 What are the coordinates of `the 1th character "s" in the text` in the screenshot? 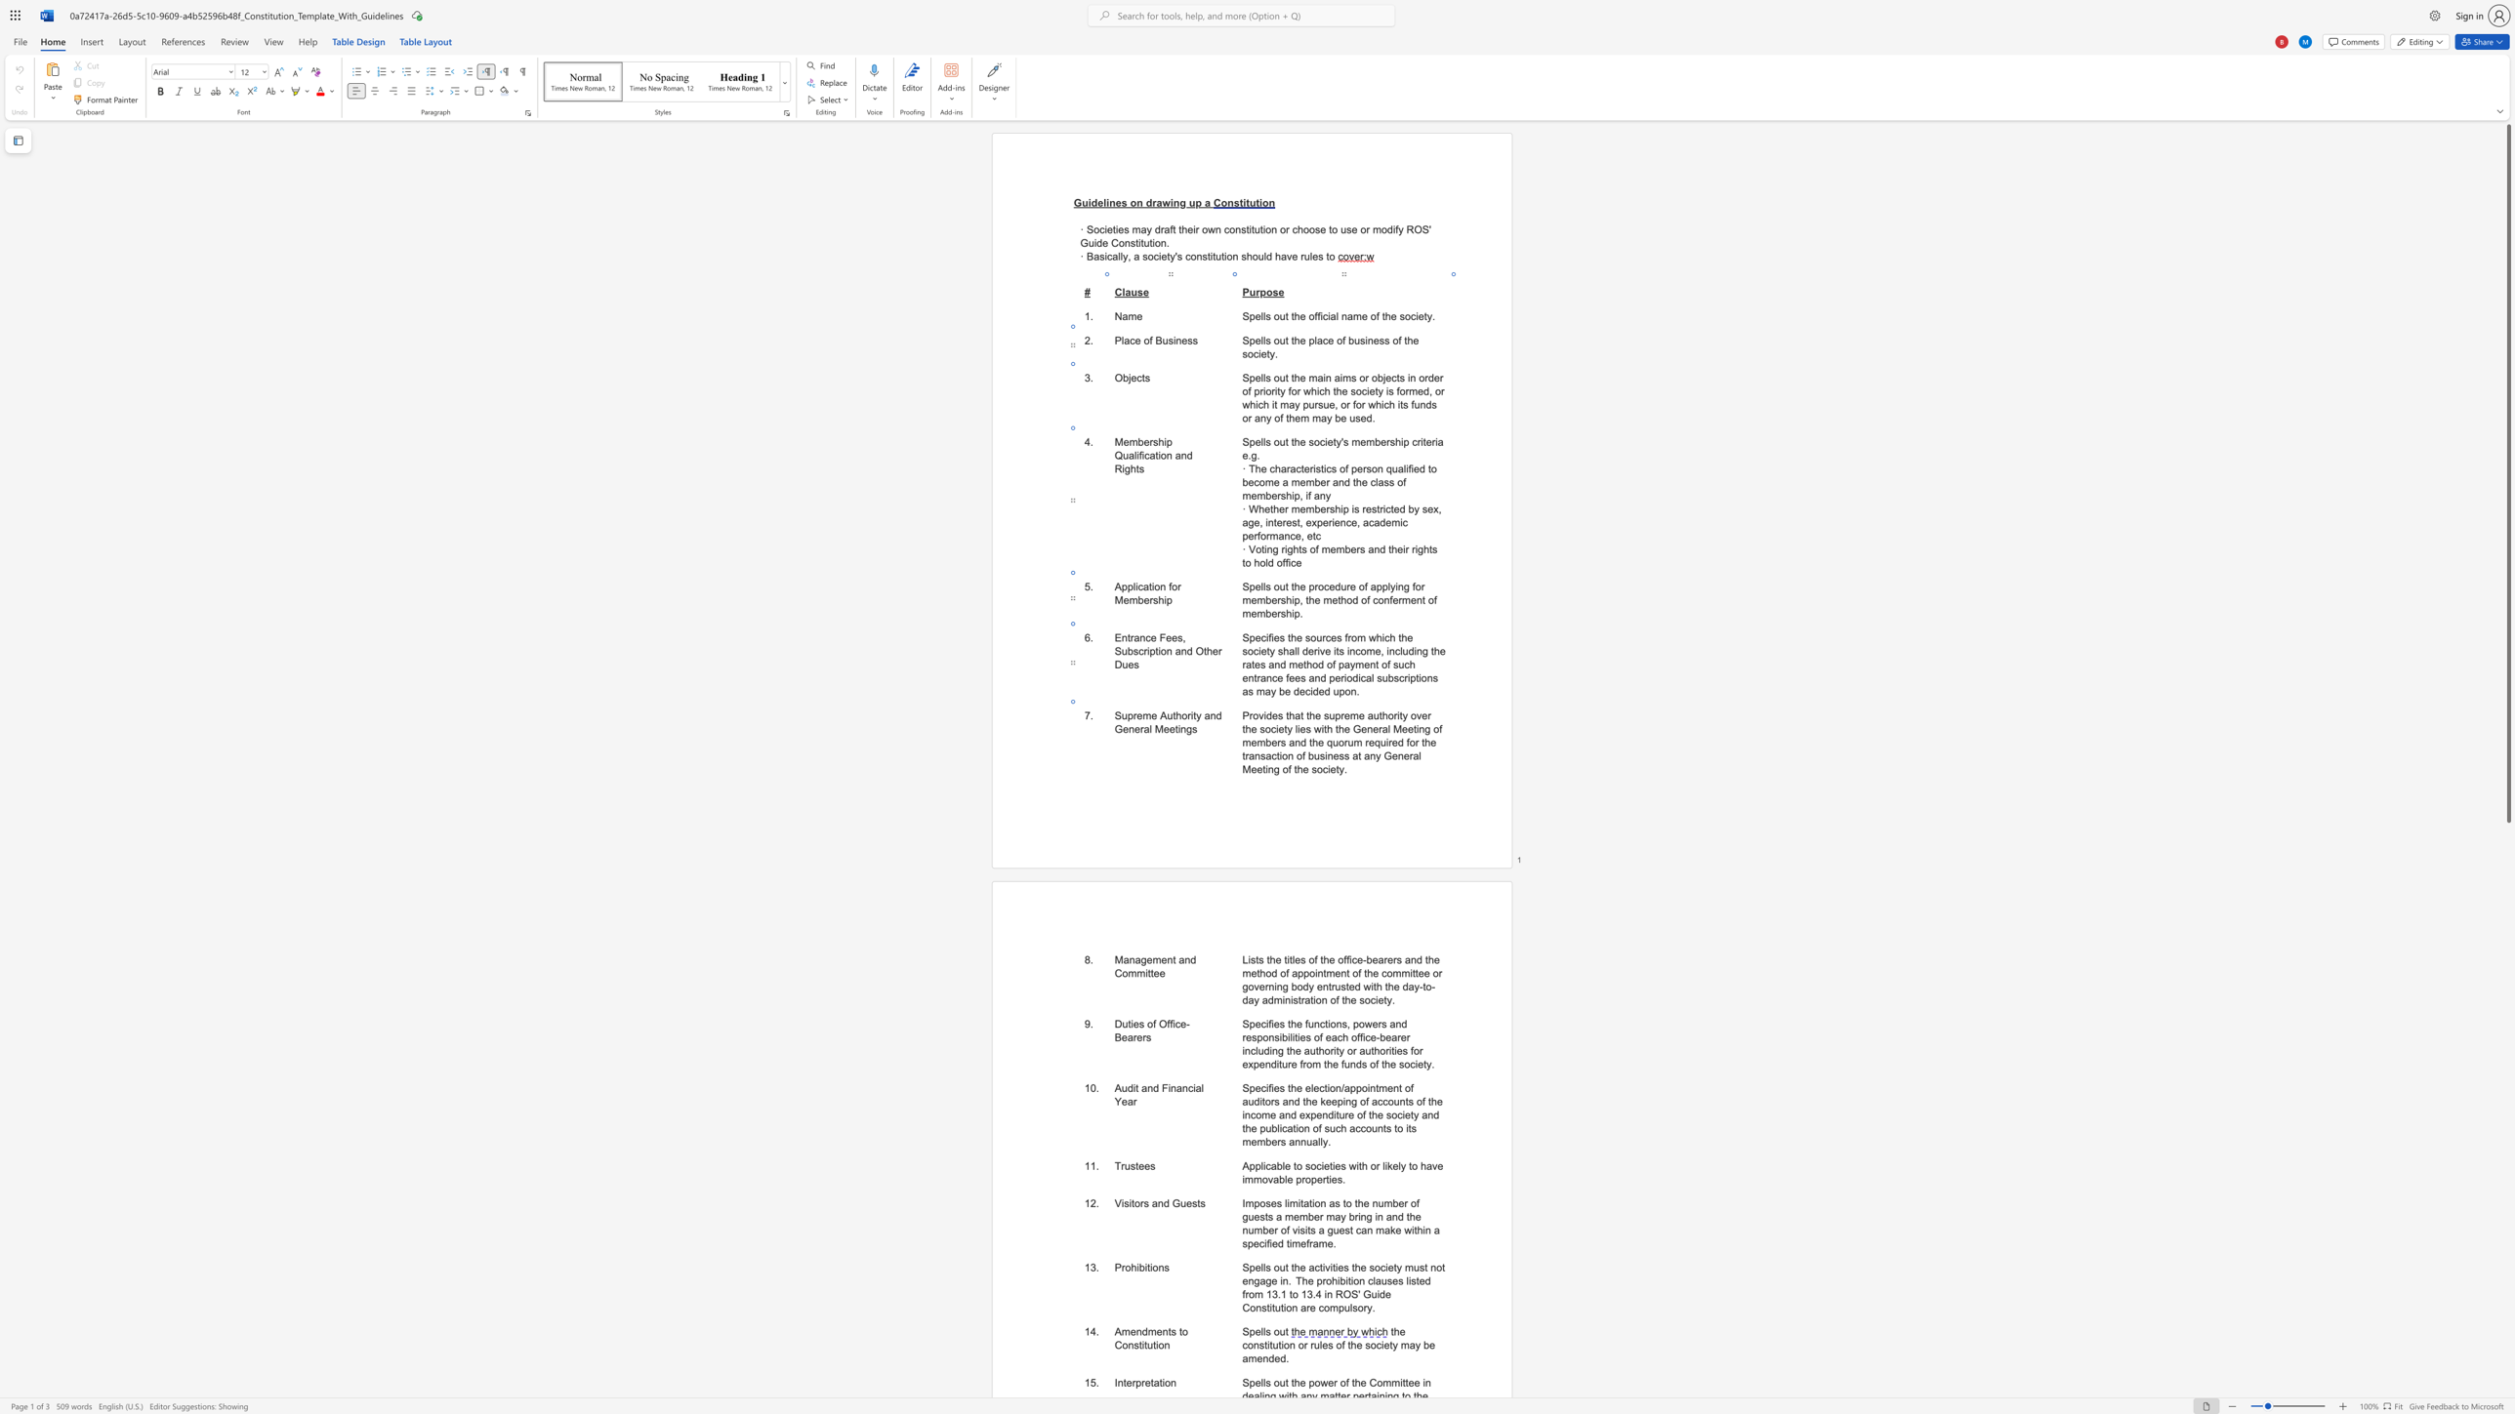 It's located at (1140, 1024).